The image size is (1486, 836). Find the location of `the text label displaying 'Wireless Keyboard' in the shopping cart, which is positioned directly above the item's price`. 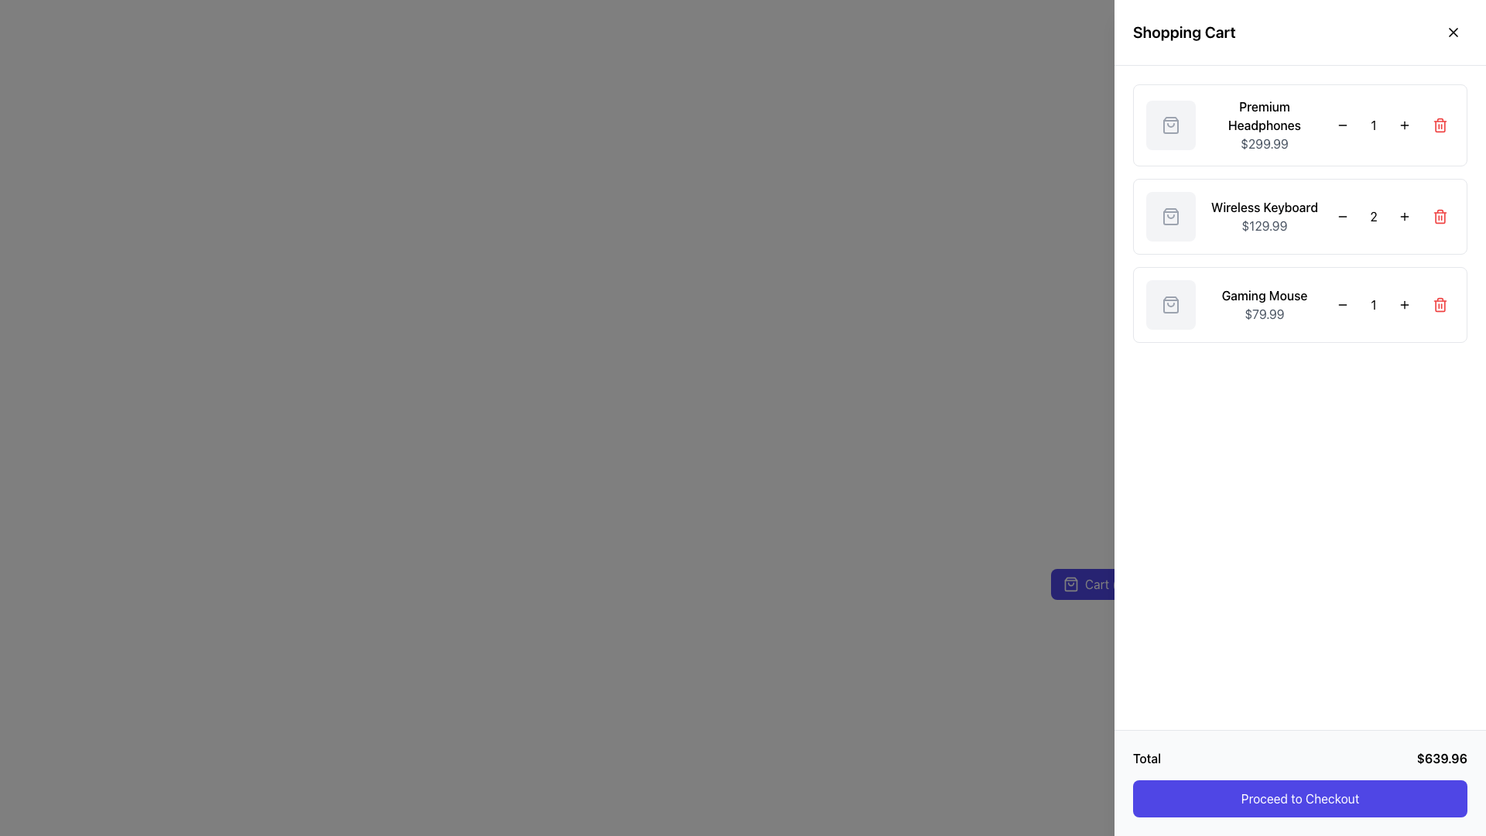

the text label displaying 'Wireless Keyboard' in the shopping cart, which is positioned directly above the item's price is located at coordinates (1264, 206).